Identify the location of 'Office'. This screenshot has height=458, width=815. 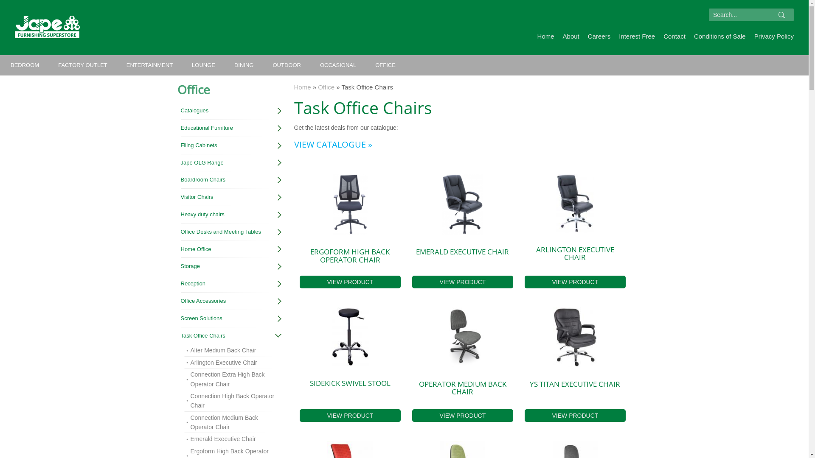
(326, 87).